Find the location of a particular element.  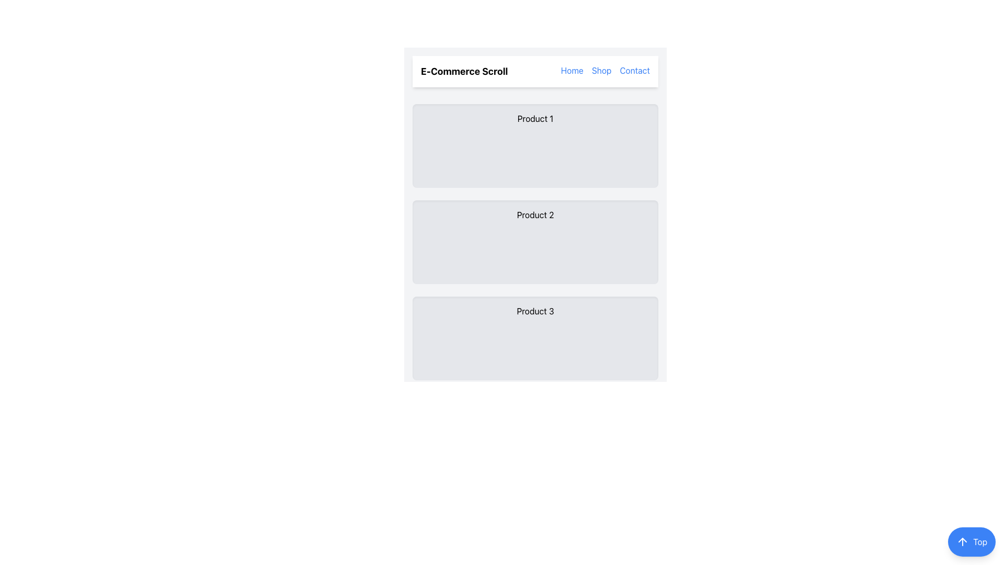

the 'Shop' hyperlink in the top-right navigation bar is located at coordinates (601, 71).